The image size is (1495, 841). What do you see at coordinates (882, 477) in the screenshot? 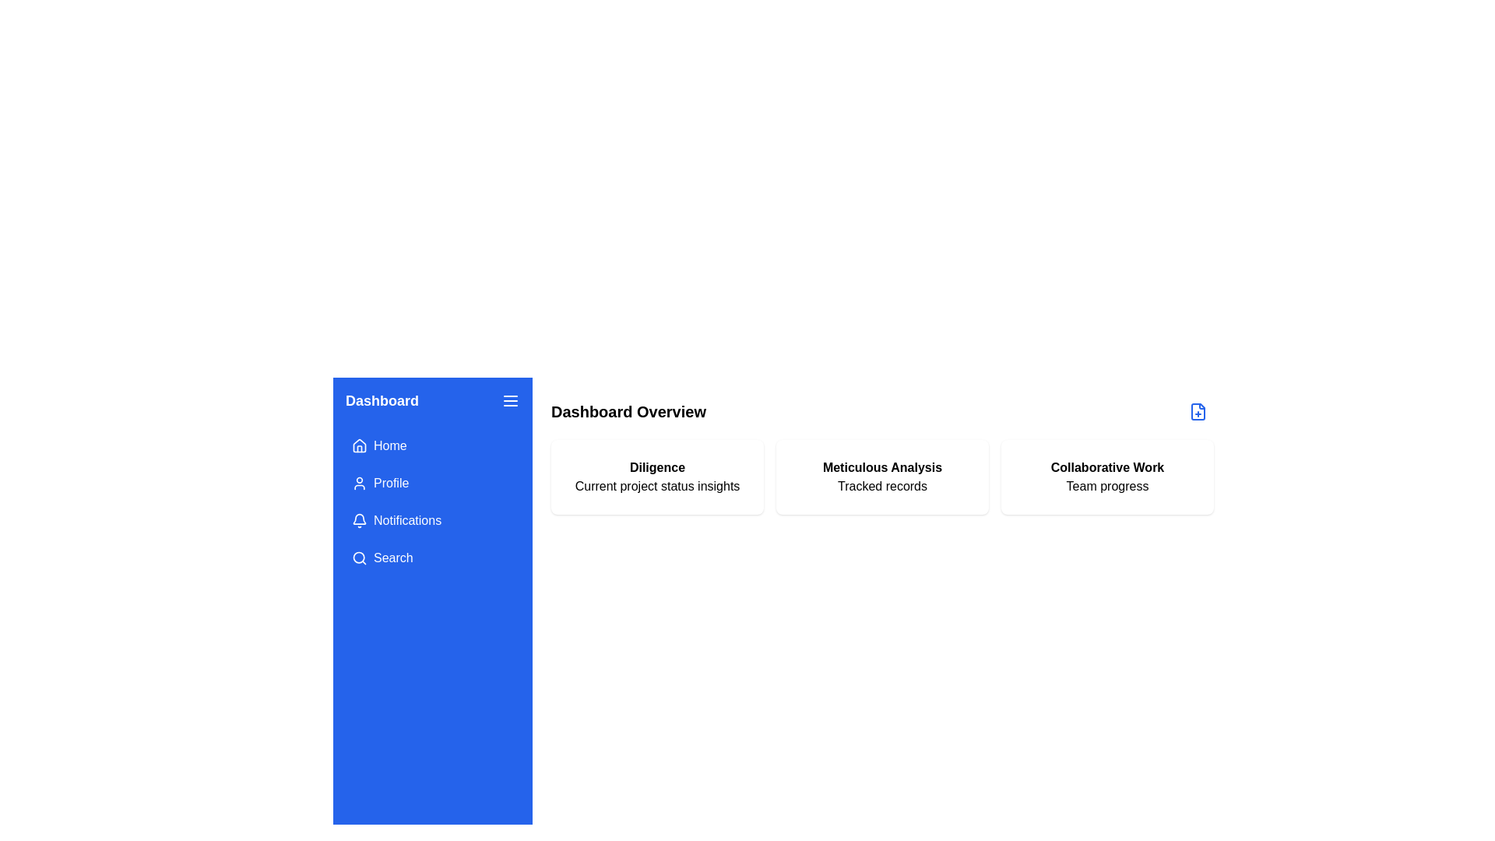
I see `the informational card summarizing 'Meticulous Analysis' with the descriptor 'Tracked records', which is the second section in a row of three, positioned centrally between 'Diligence' and 'Collaborative Work'` at bounding box center [882, 477].